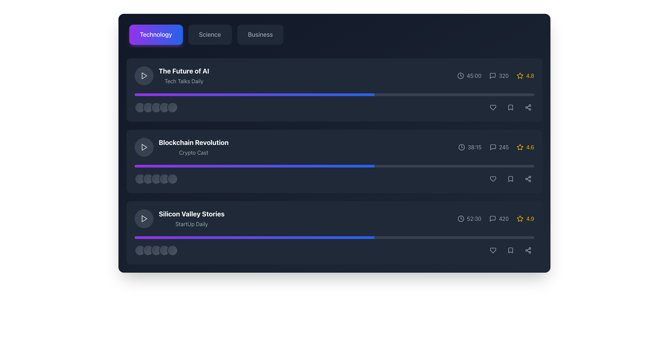 The image size is (648, 364). Describe the element at coordinates (164, 250) in the screenshot. I see `the fourth circular decorative element with a gradient fill, located below the 'Silicon Valley Stories' heading` at that location.